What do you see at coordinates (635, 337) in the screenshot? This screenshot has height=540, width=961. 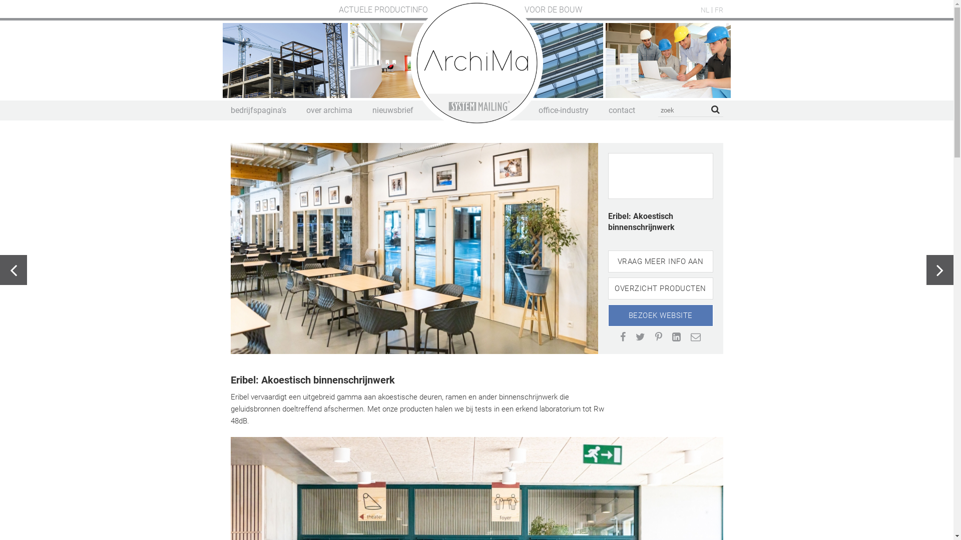 I see `'Twitter'` at bounding box center [635, 337].